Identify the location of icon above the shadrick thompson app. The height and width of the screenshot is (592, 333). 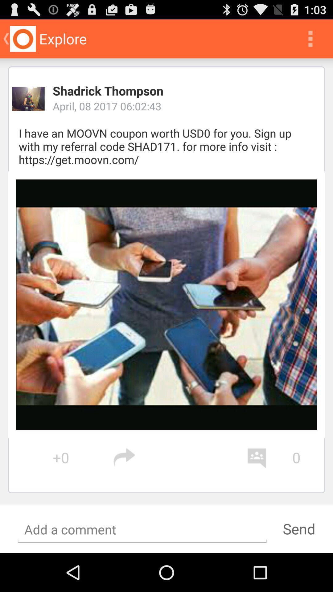
(310, 38).